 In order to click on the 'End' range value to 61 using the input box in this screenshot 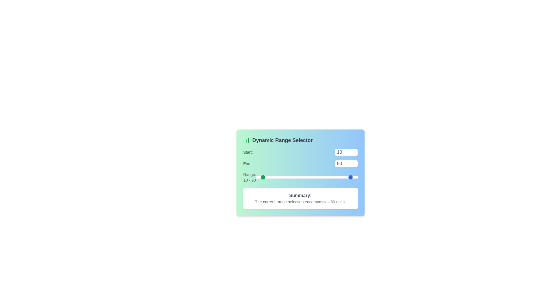, I will do `click(346, 164)`.